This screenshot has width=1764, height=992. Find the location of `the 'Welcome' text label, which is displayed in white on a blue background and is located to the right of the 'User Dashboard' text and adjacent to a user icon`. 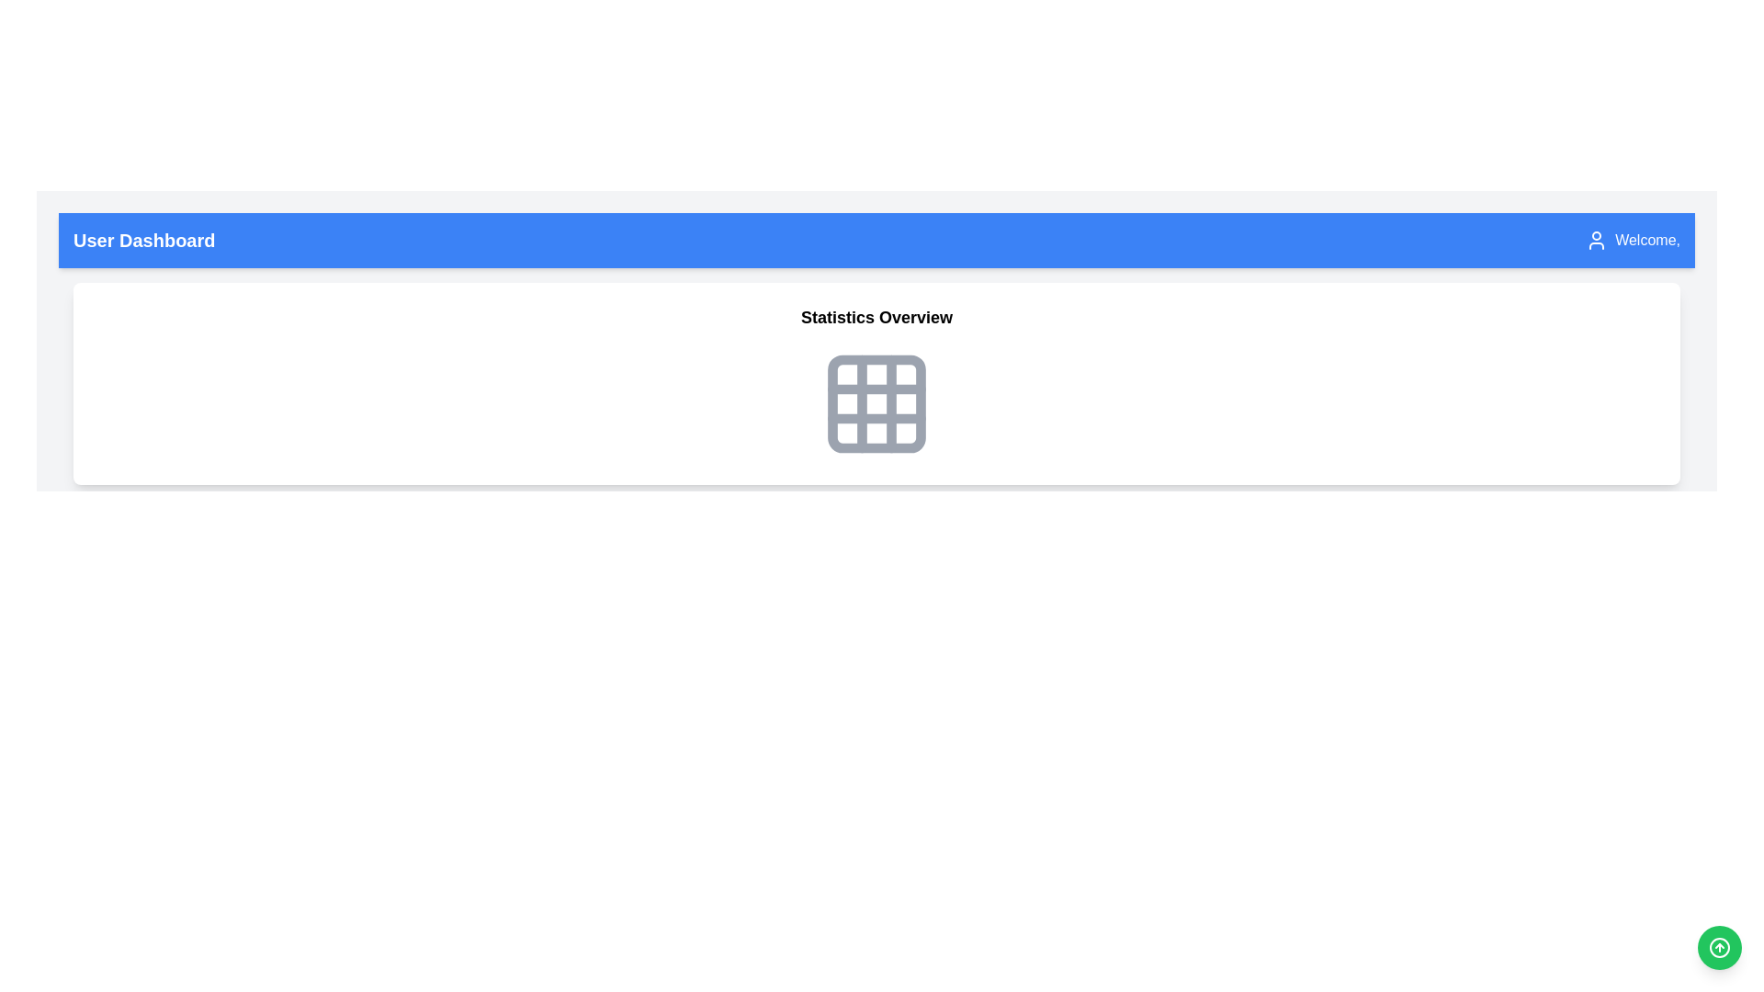

the 'Welcome' text label, which is displayed in white on a blue background and is located to the right of the 'User Dashboard' text and adjacent to a user icon is located at coordinates (1633, 240).